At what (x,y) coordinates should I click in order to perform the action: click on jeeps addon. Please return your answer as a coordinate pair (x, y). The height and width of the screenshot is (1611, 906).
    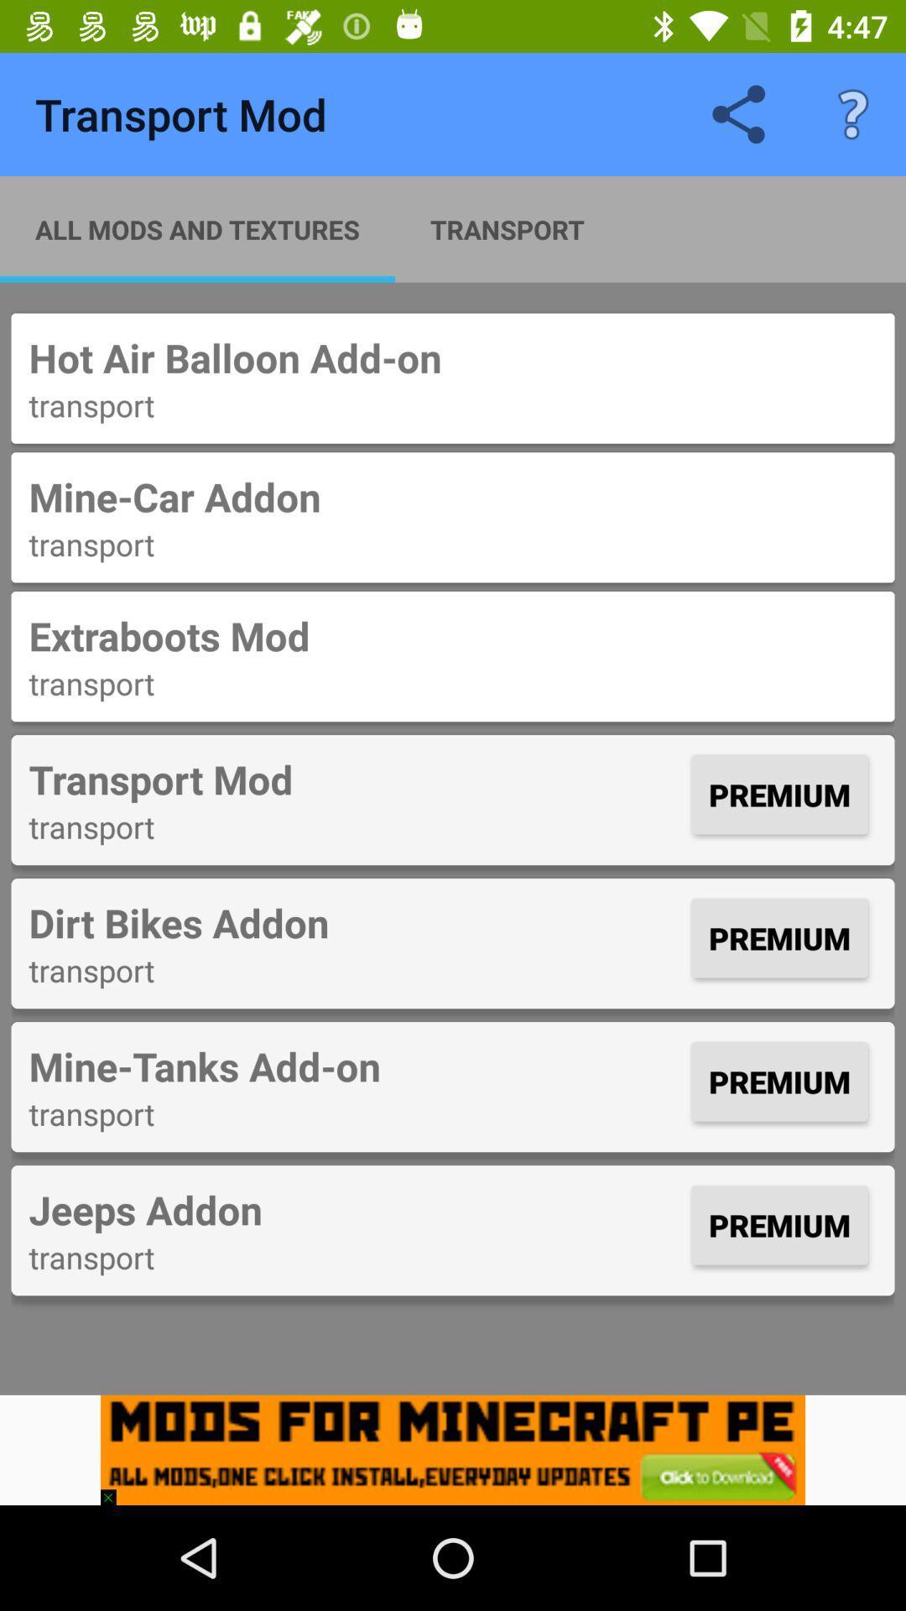
    Looking at the image, I should click on (355, 1209).